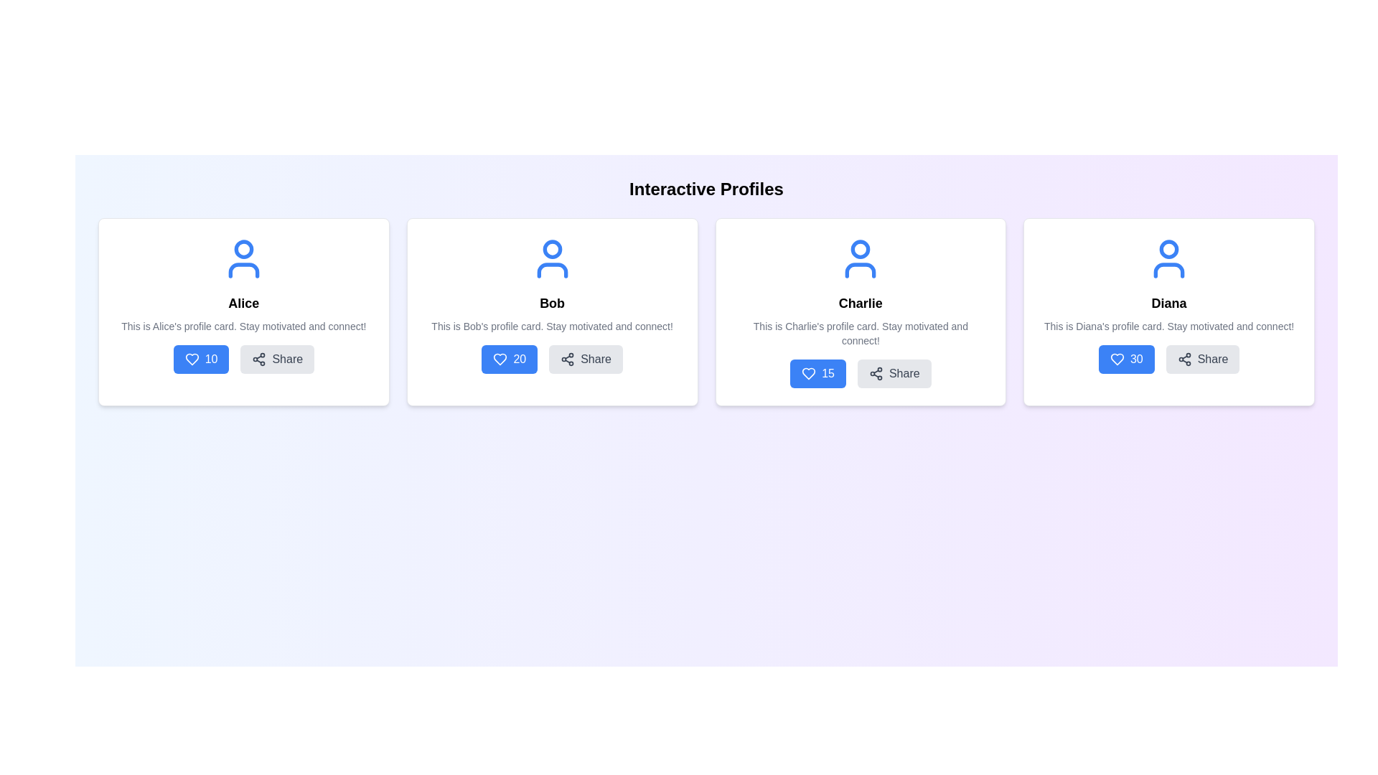  What do you see at coordinates (861, 372) in the screenshot?
I see `the 'Share' button with a light gray background and rounded corners located in the 'Charlie' profile card, positioned to the right of the '15' heart button` at bounding box center [861, 372].